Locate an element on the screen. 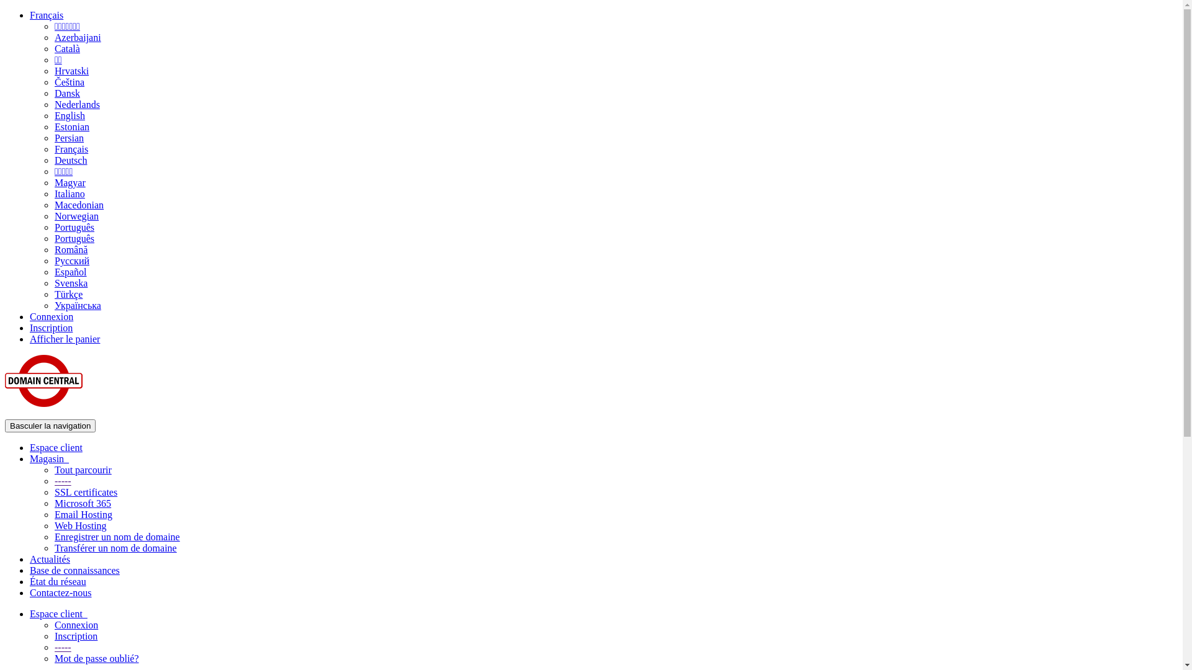  'Base de connaissances' is located at coordinates (30, 570).